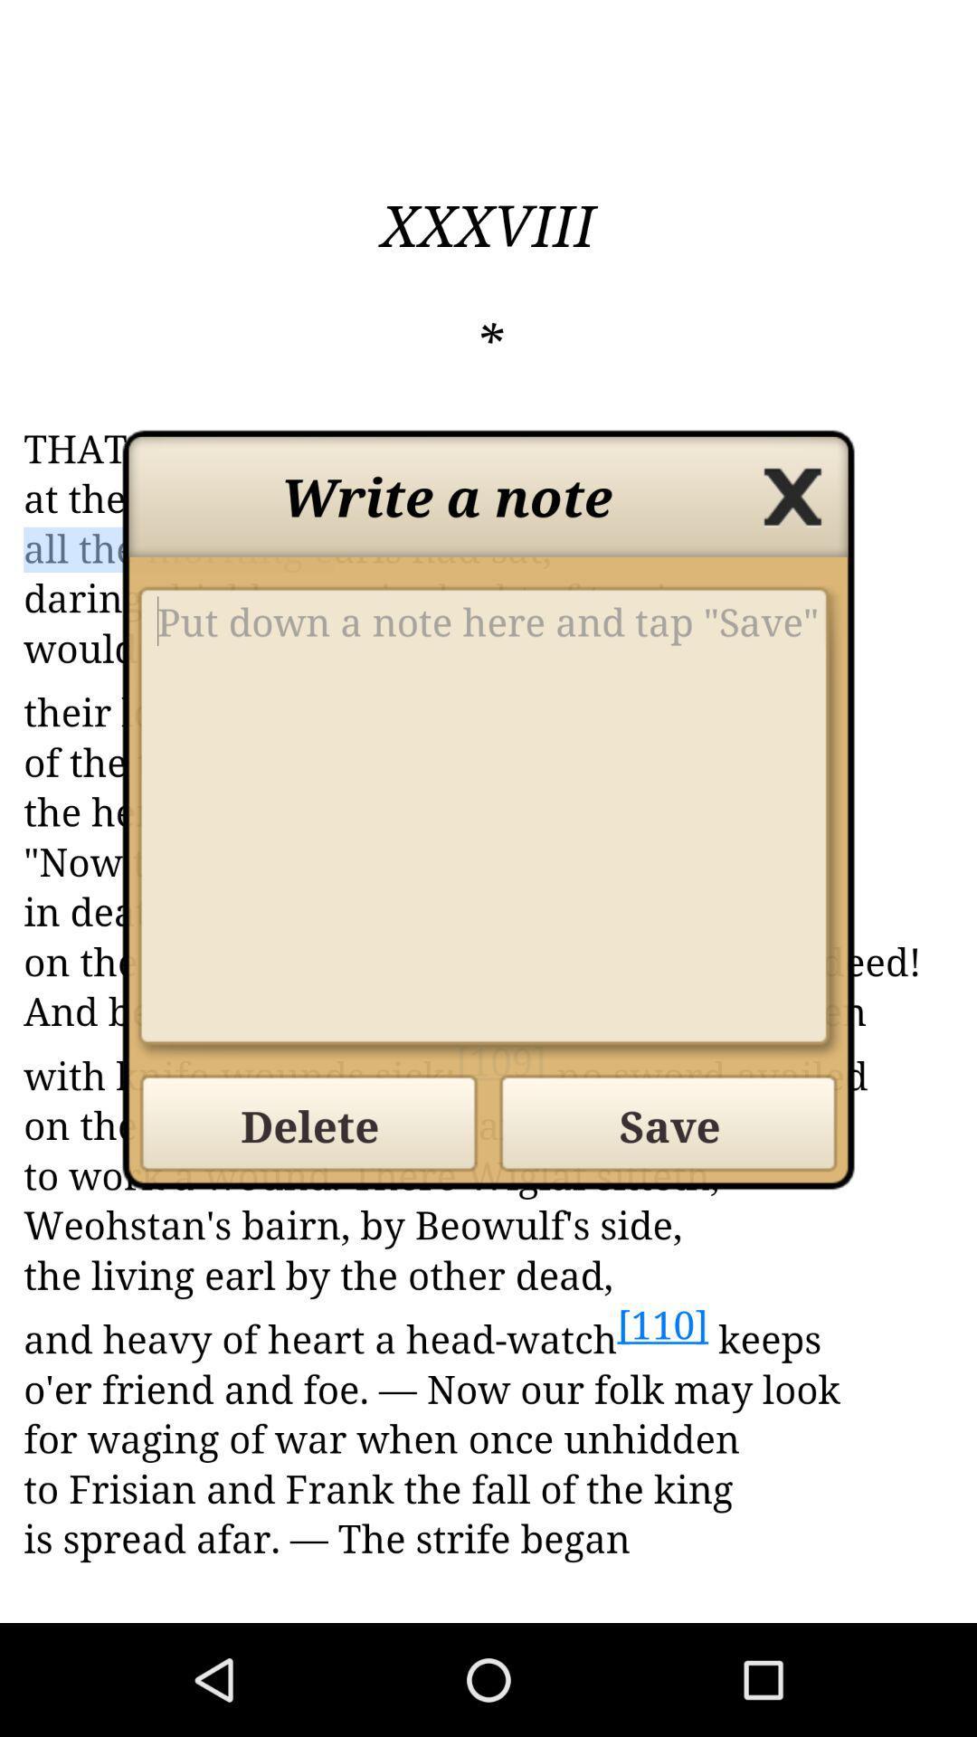 The width and height of the screenshot is (977, 1737). I want to click on write a note, so click(488, 821).